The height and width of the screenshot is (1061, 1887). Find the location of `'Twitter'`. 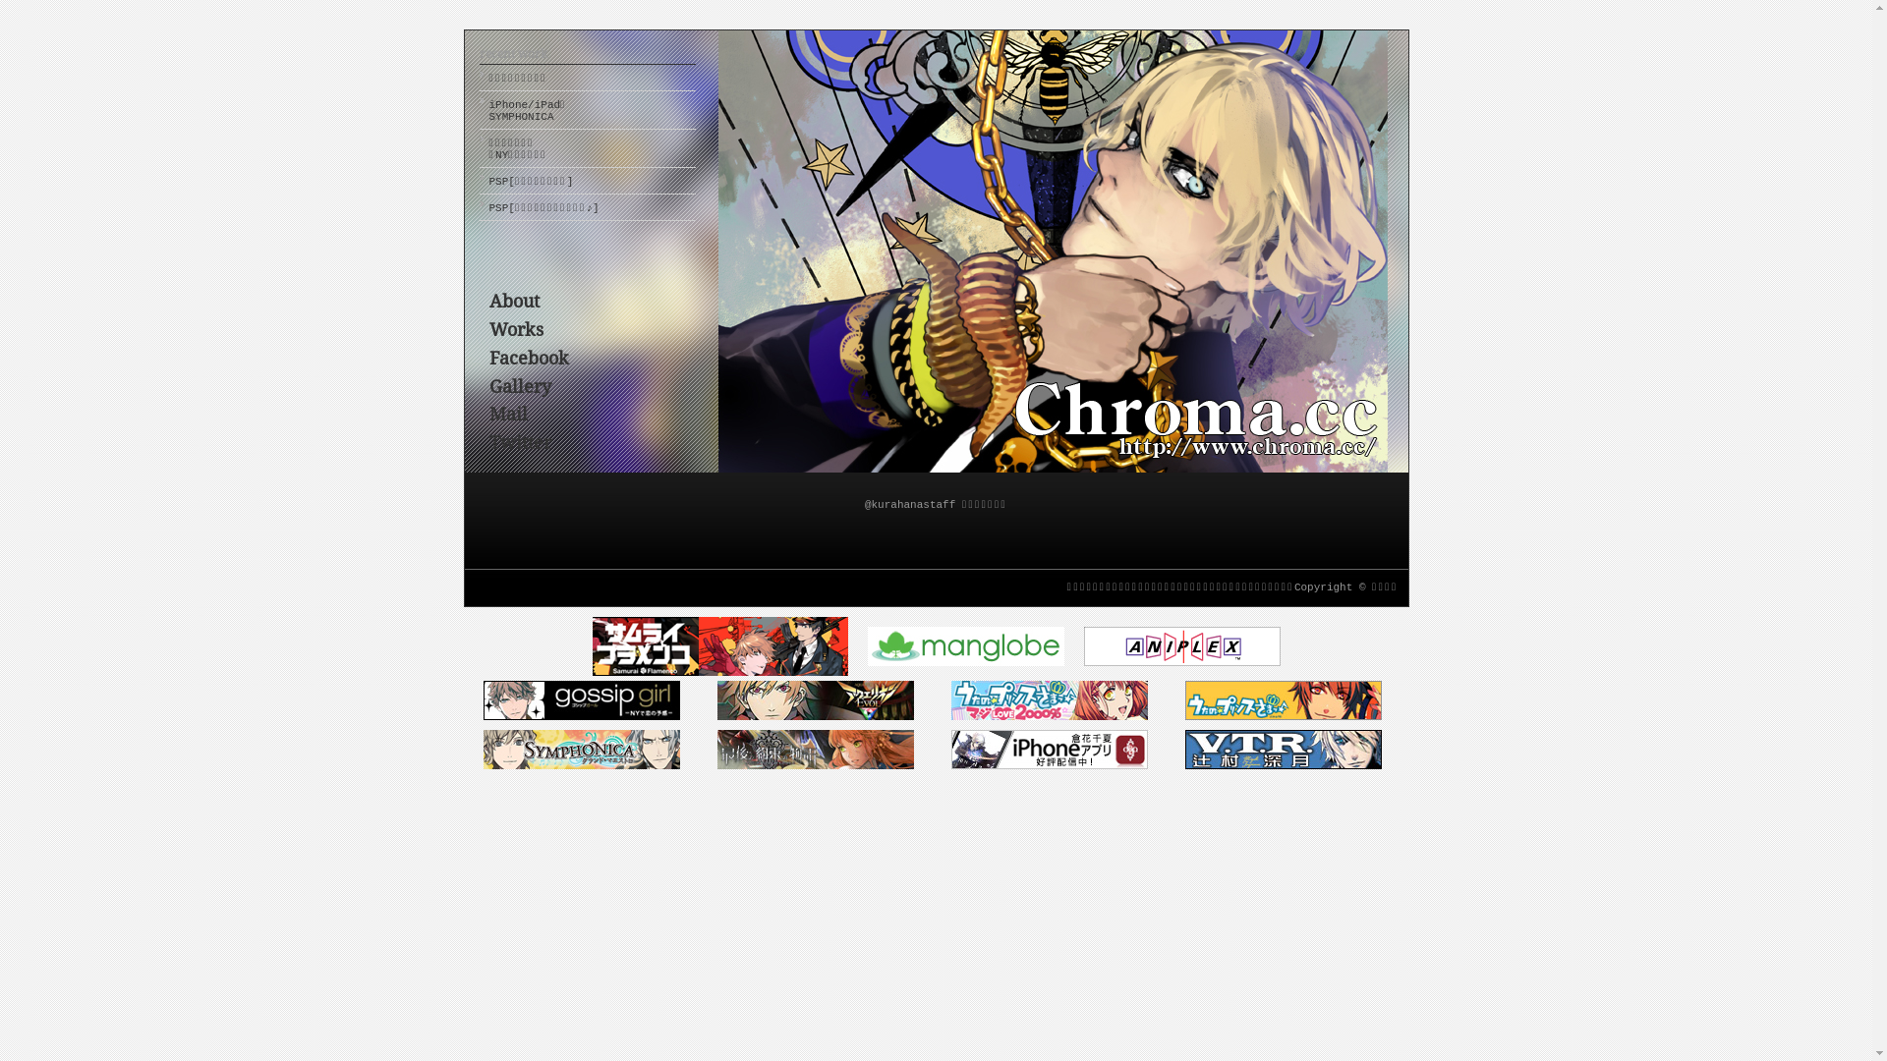

'Twitter' is located at coordinates (520, 442).